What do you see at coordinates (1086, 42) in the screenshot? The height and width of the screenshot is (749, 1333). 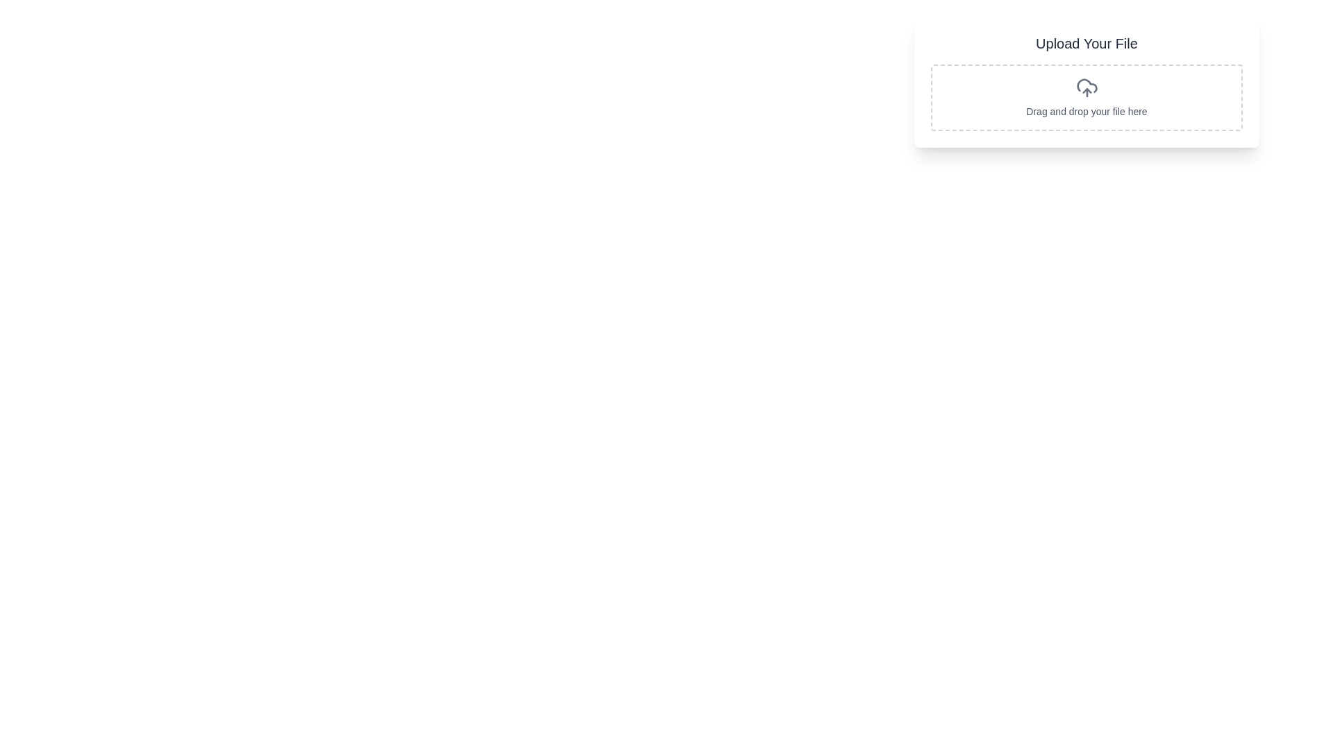 I see `the text heading that describes the upload module, which is located at the top of the upload section` at bounding box center [1086, 42].